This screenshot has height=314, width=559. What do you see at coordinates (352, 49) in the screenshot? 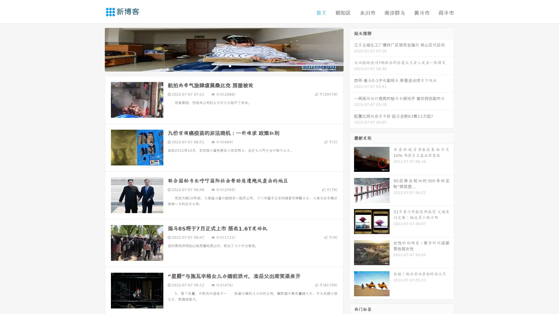
I see `Next slide` at bounding box center [352, 49].